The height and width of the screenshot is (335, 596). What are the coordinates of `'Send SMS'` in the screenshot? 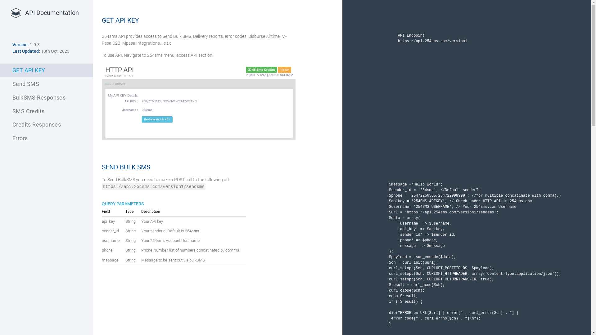 It's located at (46, 84).